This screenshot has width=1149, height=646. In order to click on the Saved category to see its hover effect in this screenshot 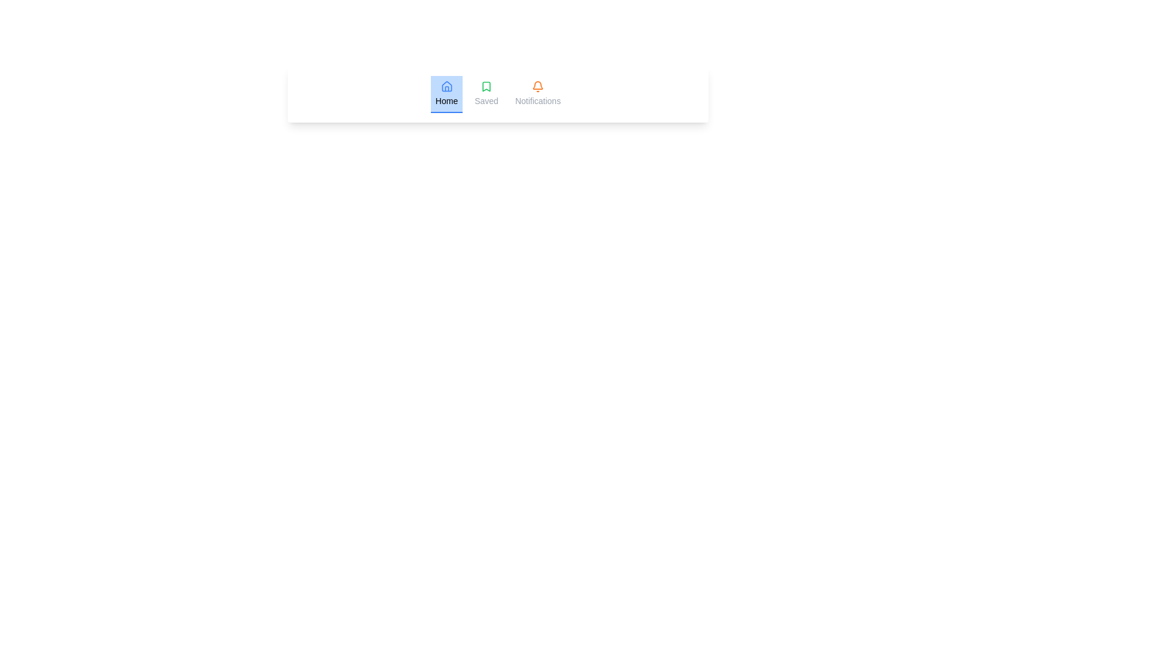, I will do `click(487, 94)`.